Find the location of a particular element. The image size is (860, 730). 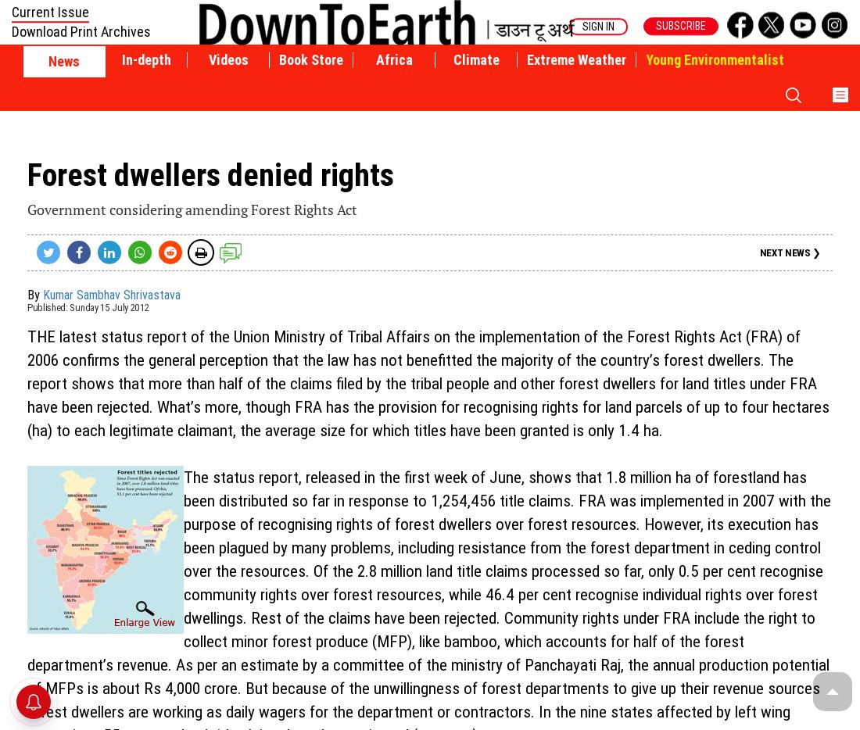

'News' is located at coordinates (48, 61).